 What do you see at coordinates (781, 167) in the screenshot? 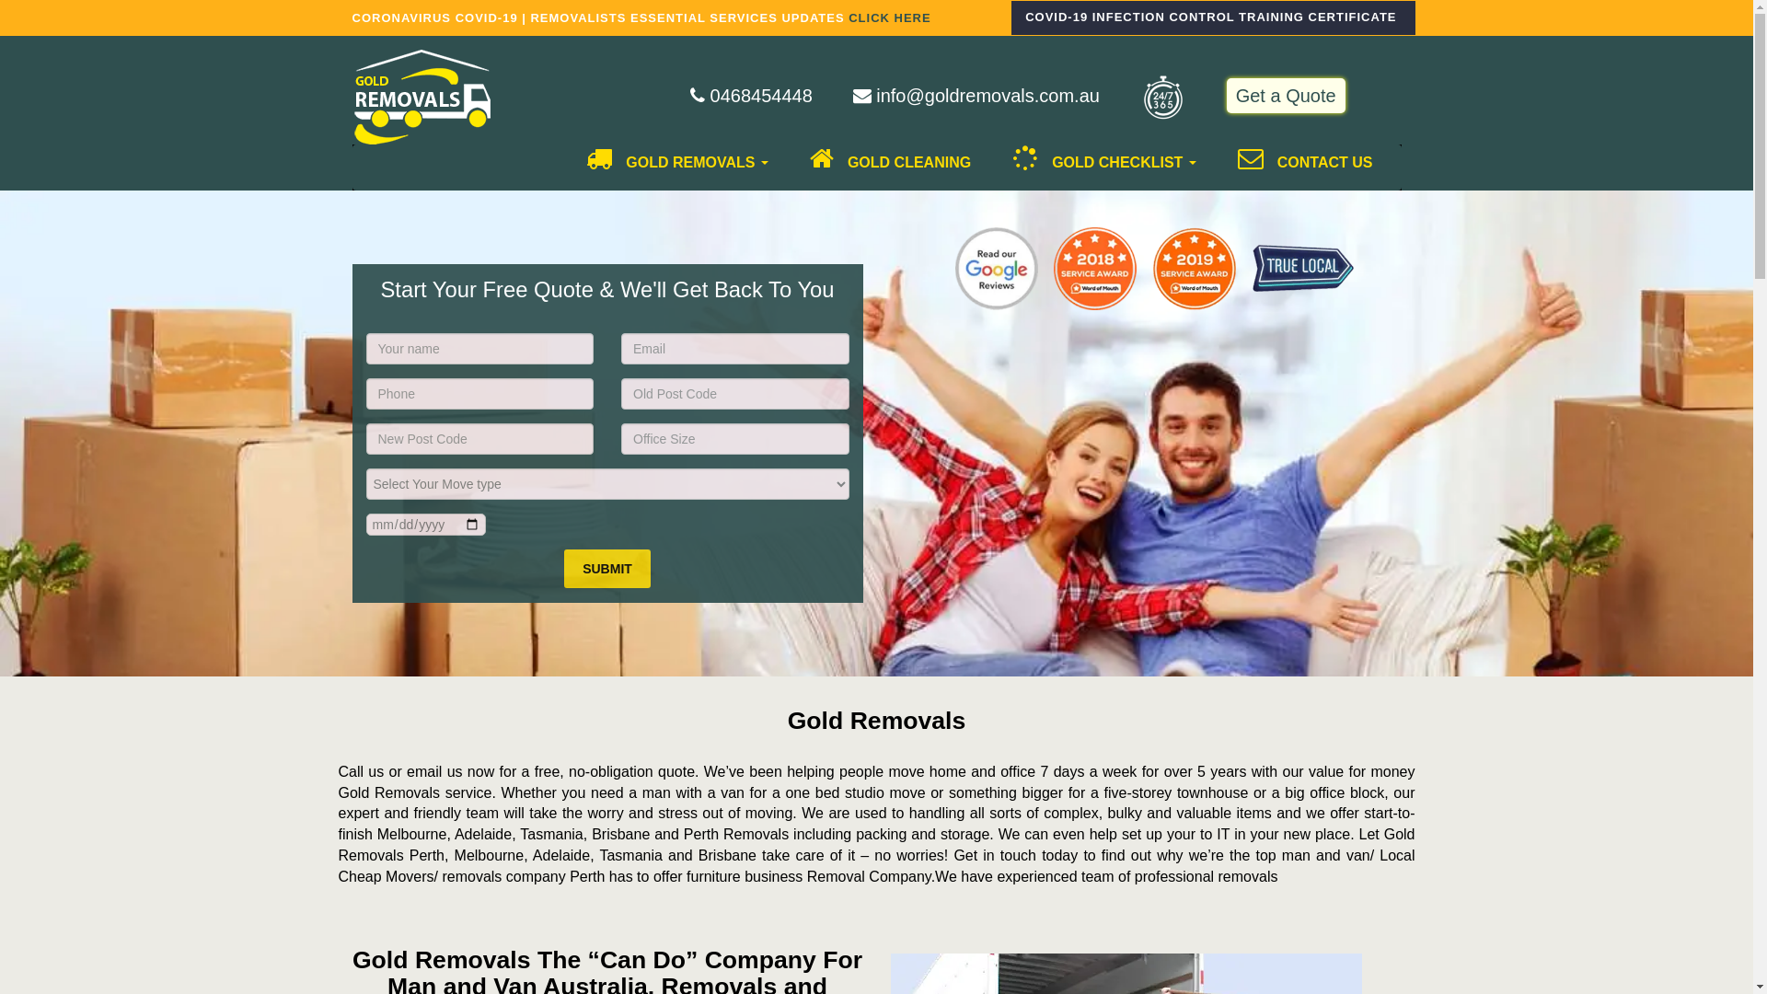
I see `'GOLD CLEANING'` at bounding box center [781, 167].